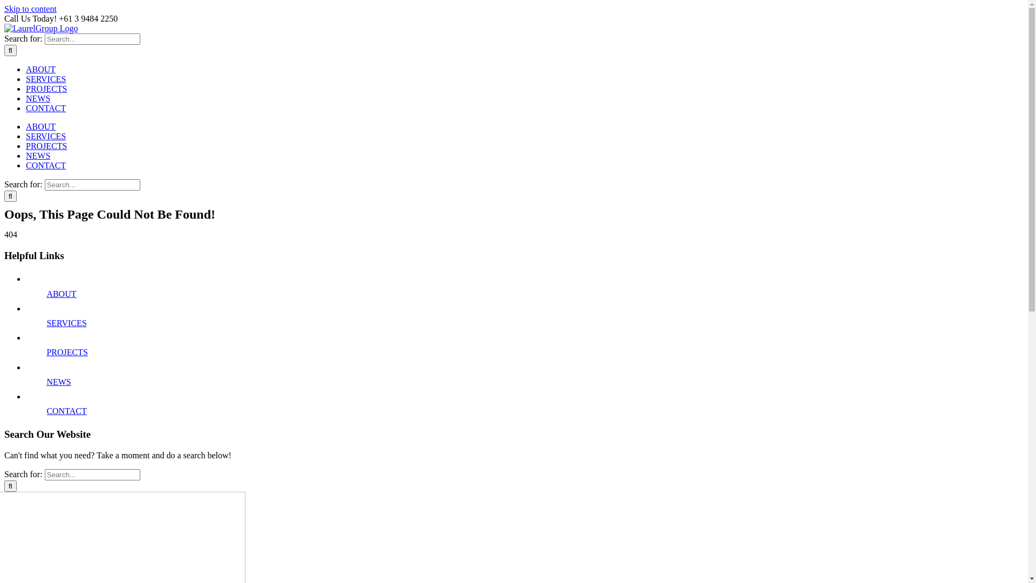 This screenshot has width=1036, height=583. I want to click on 'PROJECTS', so click(46, 146).